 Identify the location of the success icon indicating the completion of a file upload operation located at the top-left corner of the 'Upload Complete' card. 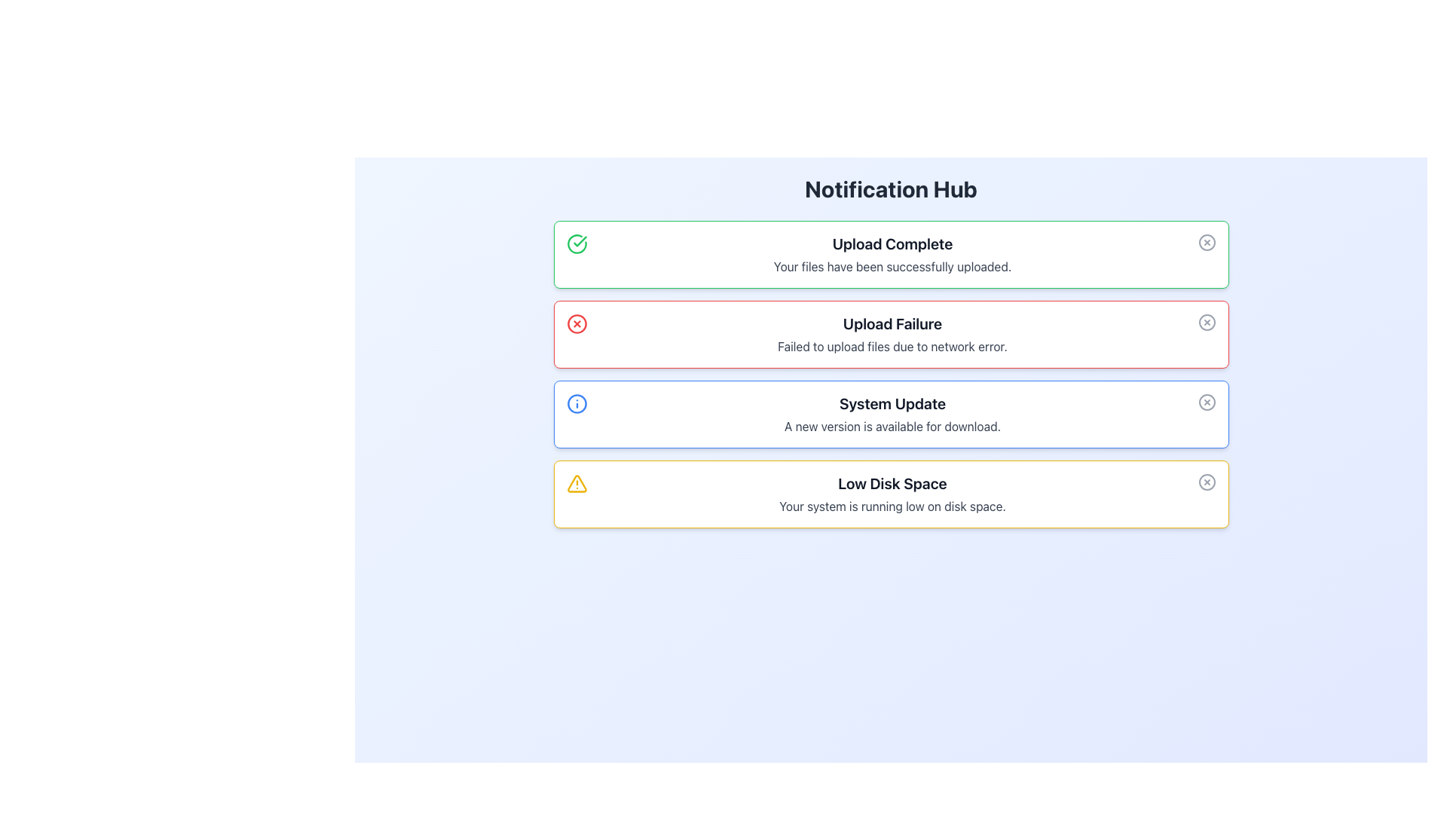
(576, 243).